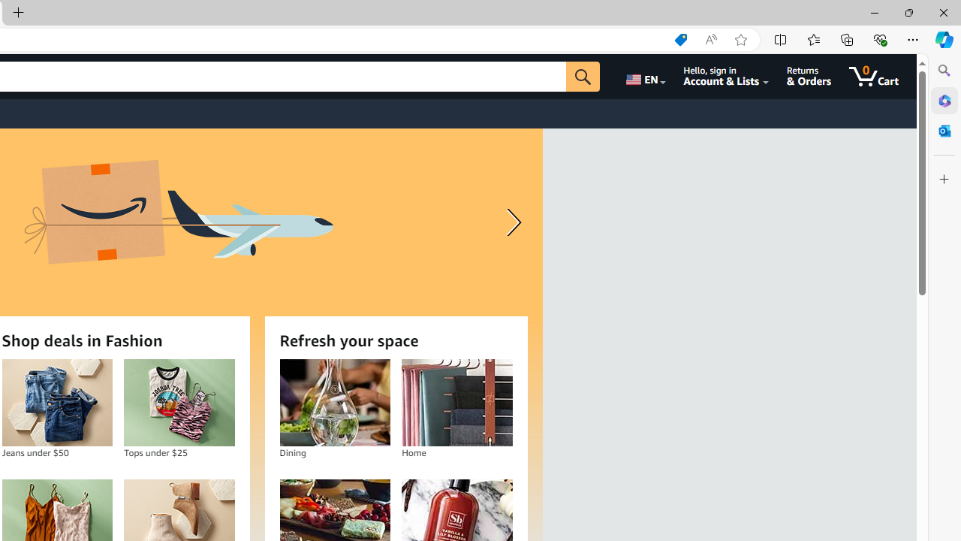 Image resolution: width=961 pixels, height=541 pixels. What do you see at coordinates (582, 76) in the screenshot?
I see `'Go'` at bounding box center [582, 76].